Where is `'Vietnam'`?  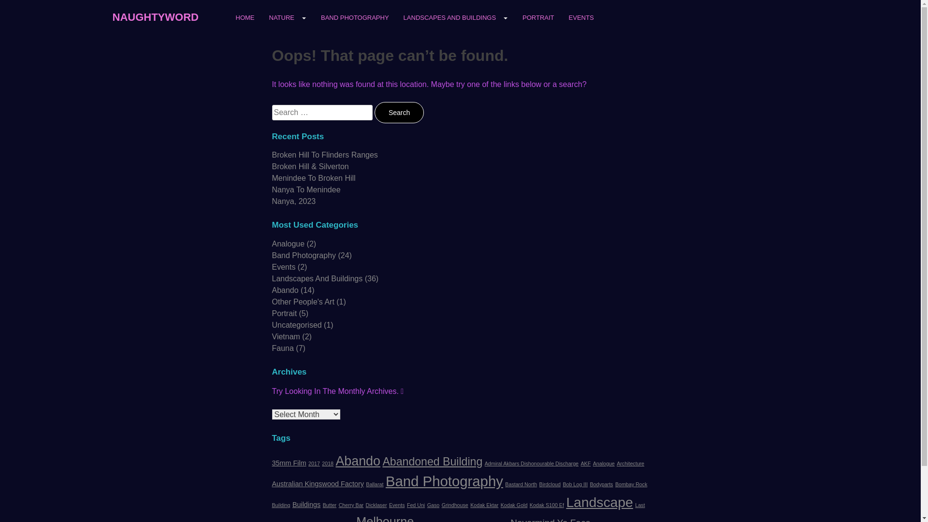
'Vietnam' is located at coordinates (271, 336).